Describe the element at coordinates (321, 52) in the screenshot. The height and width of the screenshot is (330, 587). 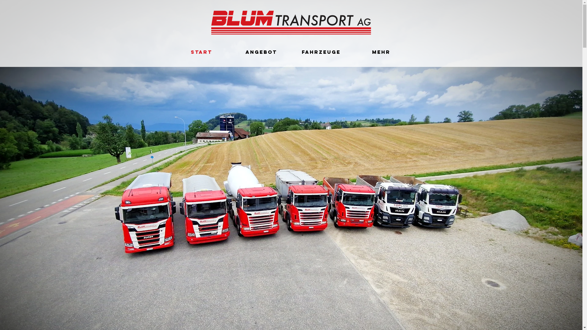
I see `'Fahrzeuge'` at that location.